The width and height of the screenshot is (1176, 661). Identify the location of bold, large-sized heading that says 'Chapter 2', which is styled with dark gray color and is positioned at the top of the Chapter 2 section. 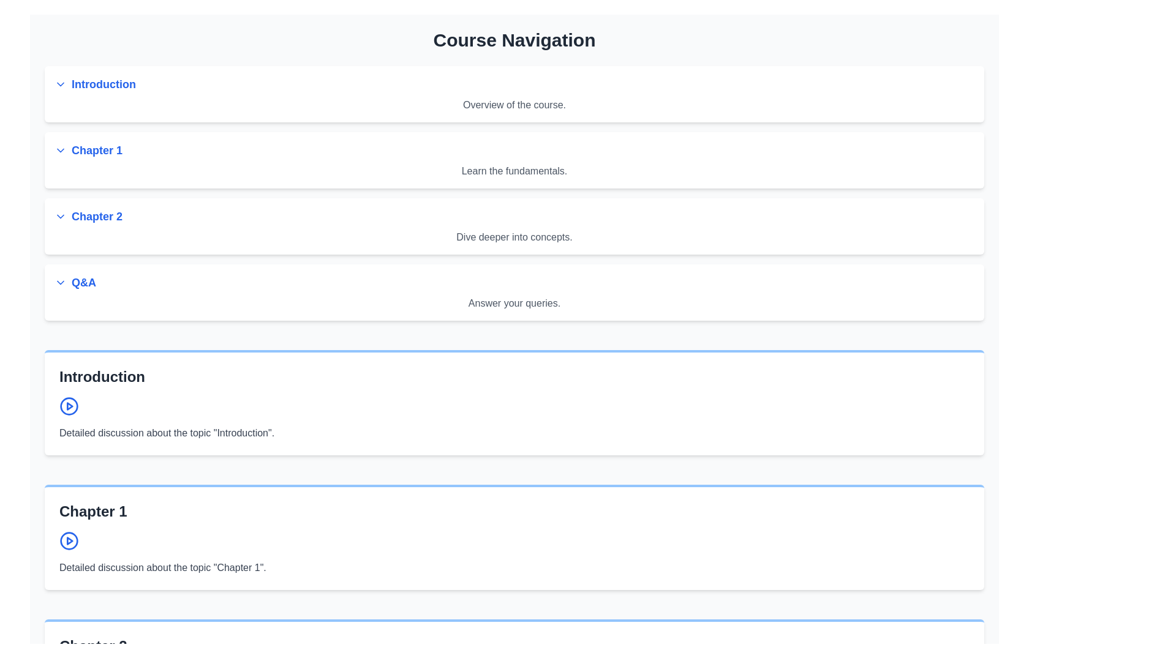
(92, 646).